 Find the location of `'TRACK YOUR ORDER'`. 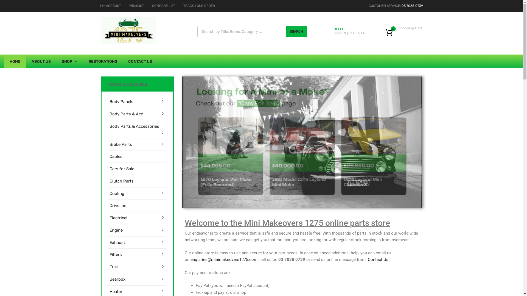

'TRACK YOUR ORDER' is located at coordinates (199, 5).